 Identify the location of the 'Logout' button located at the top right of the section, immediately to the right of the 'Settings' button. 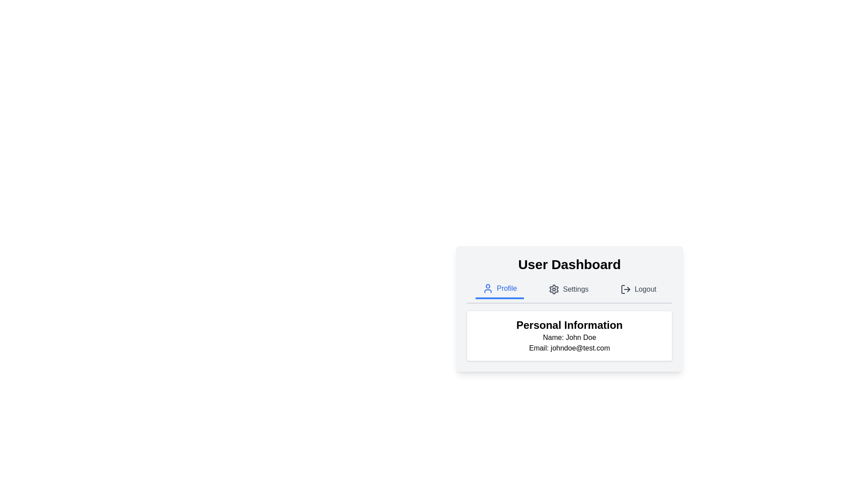
(638, 289).